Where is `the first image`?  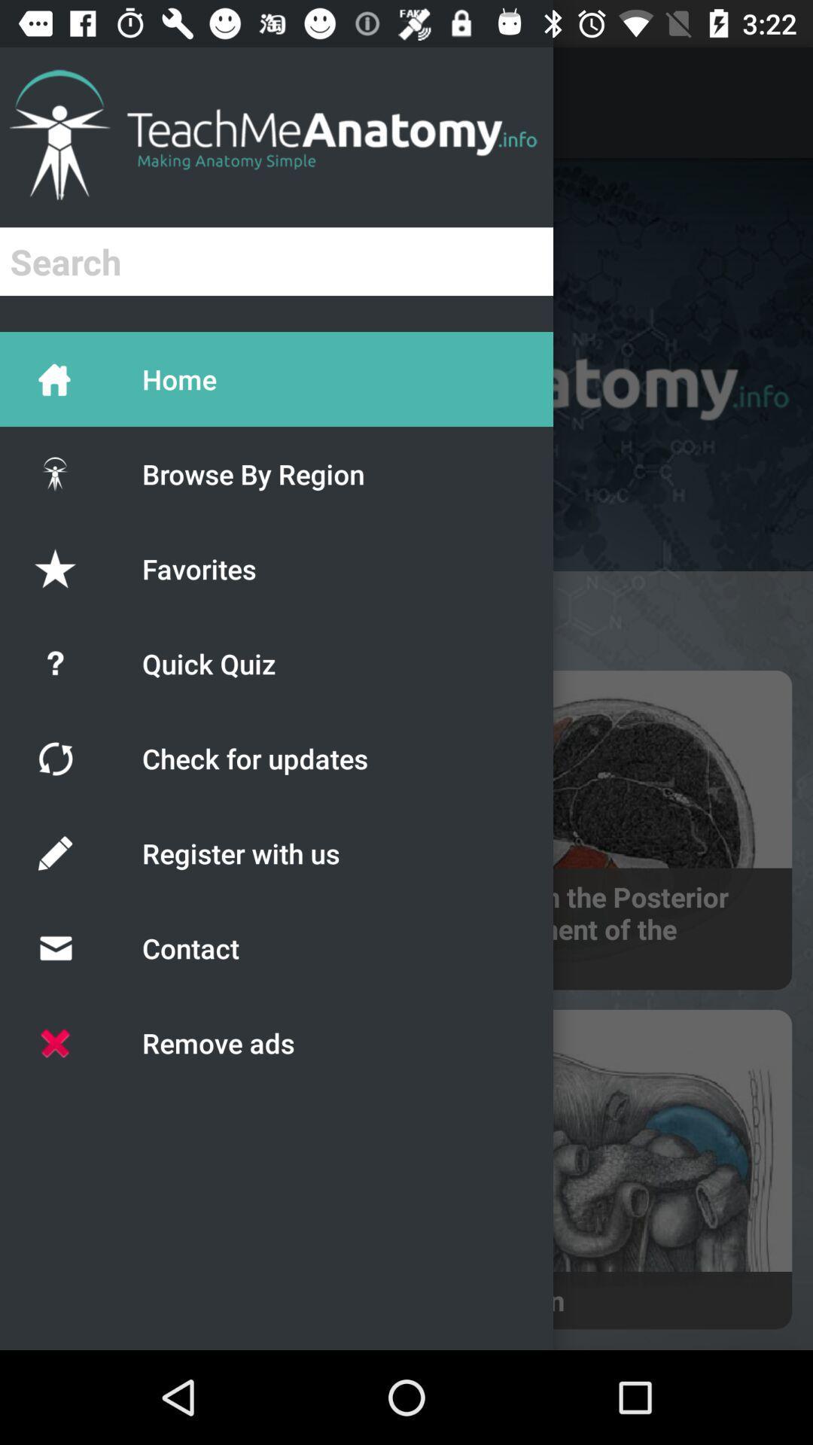 the first image is located at coordinates (603, 829).